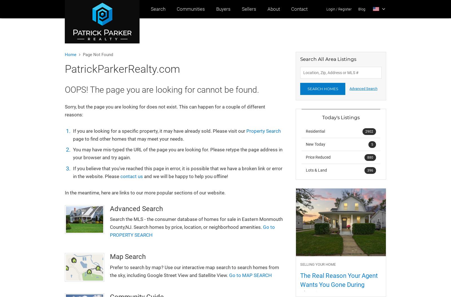 The width and height of the screenshot is (451, 297). Describe the element at coordinates (291, 9) in the screenshot. I see `'Contact'` at that location.